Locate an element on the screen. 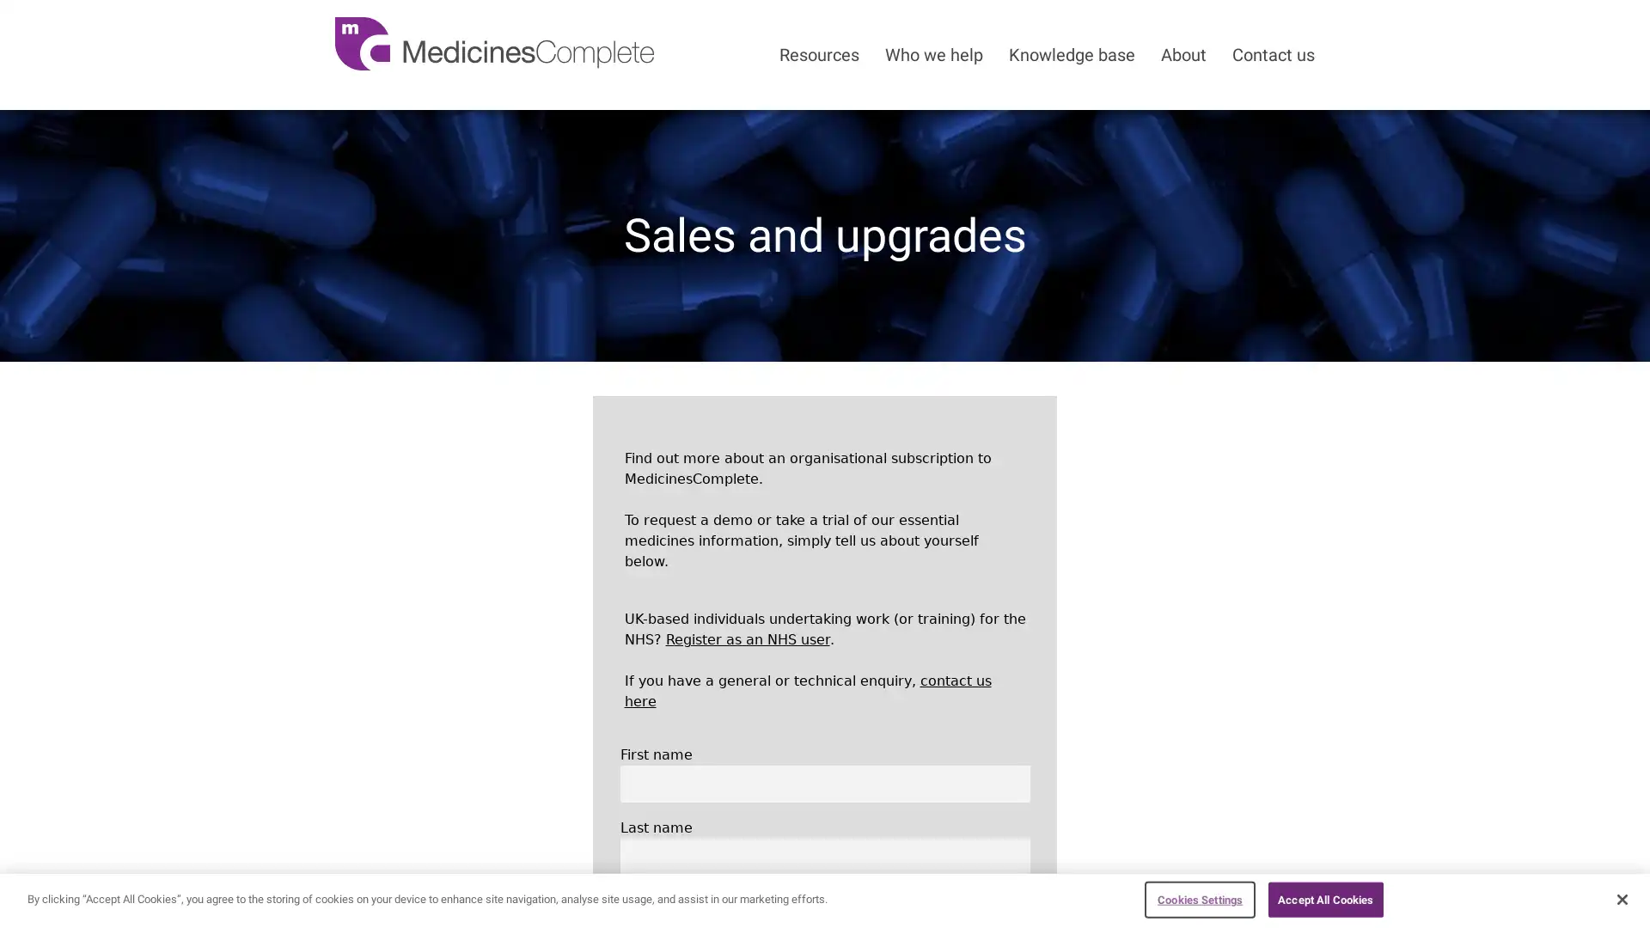  Close is located at coordinates (1621, 897).